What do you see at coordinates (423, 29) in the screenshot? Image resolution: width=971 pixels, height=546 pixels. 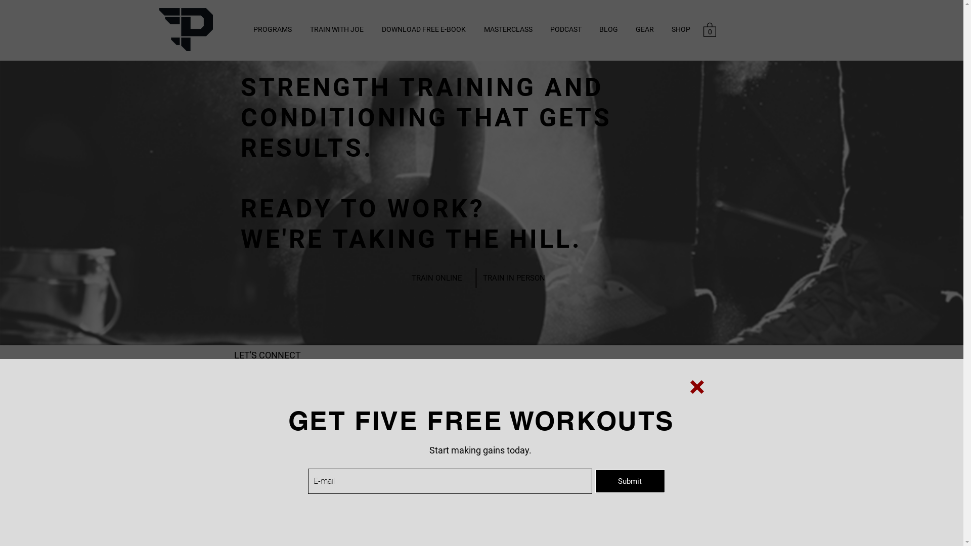 I see `'DOWNLOAD FREE E-BOOK'` at bounding box center [423, 29].